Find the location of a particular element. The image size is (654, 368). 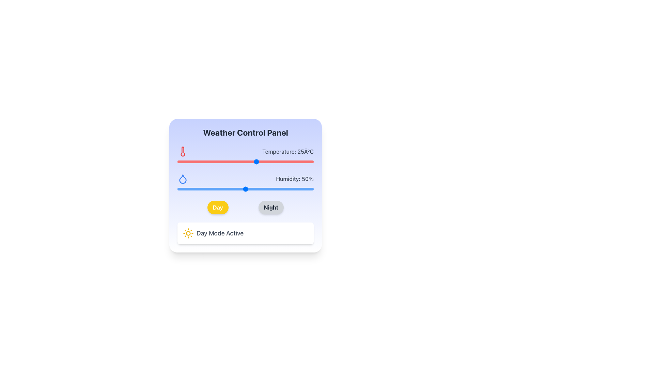

the Text Label that serves as the title for the Weather Control Panel, located at the uppermost part of the card layout is located at coordinates (245, 133).